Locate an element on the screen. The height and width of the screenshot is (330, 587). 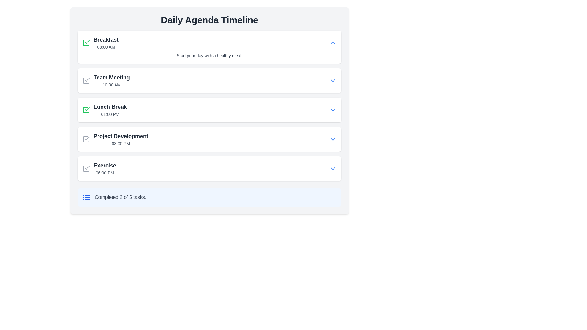
the time '06:00 PM' displayed in the smaller, gray font text label is located at coordinates (105, 173).